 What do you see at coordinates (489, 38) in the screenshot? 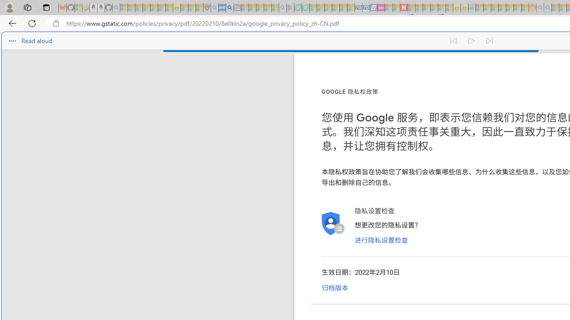
I see `'Read next paragraph'` at bounding box center [489, 38].